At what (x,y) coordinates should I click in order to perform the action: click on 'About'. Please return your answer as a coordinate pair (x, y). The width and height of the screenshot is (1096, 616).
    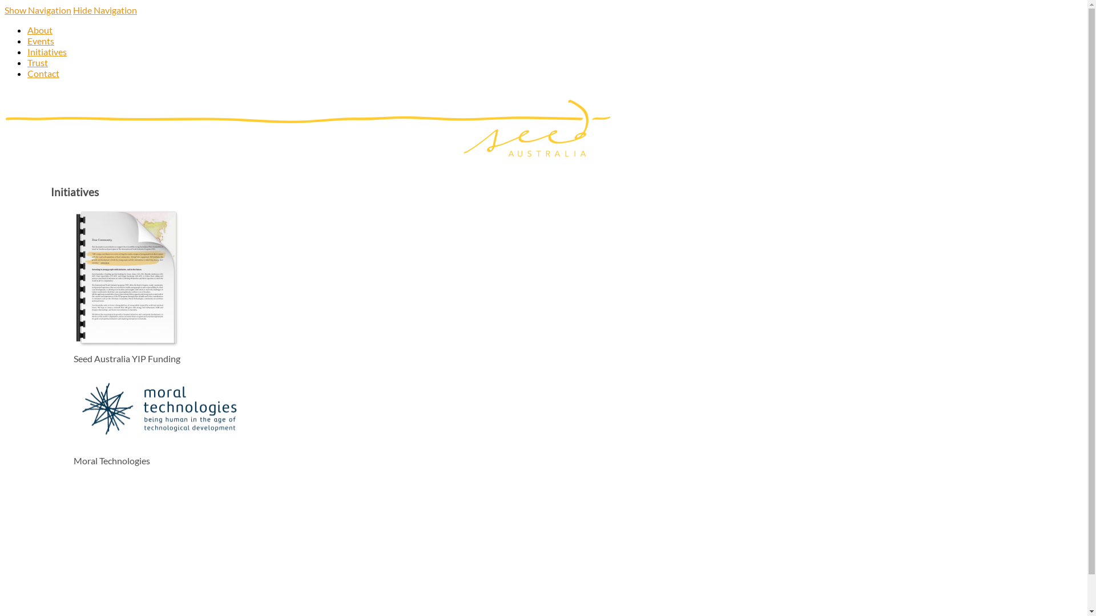
    Looking at the image, I should click on (40, 29).